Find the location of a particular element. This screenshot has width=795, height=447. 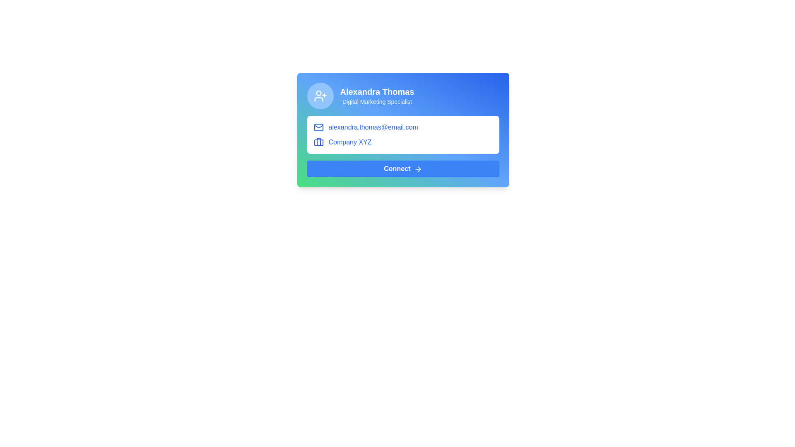

the button located at the bottom of the card that initiates a connection with Alexandra Thomas is located at coordinates (403, 168).